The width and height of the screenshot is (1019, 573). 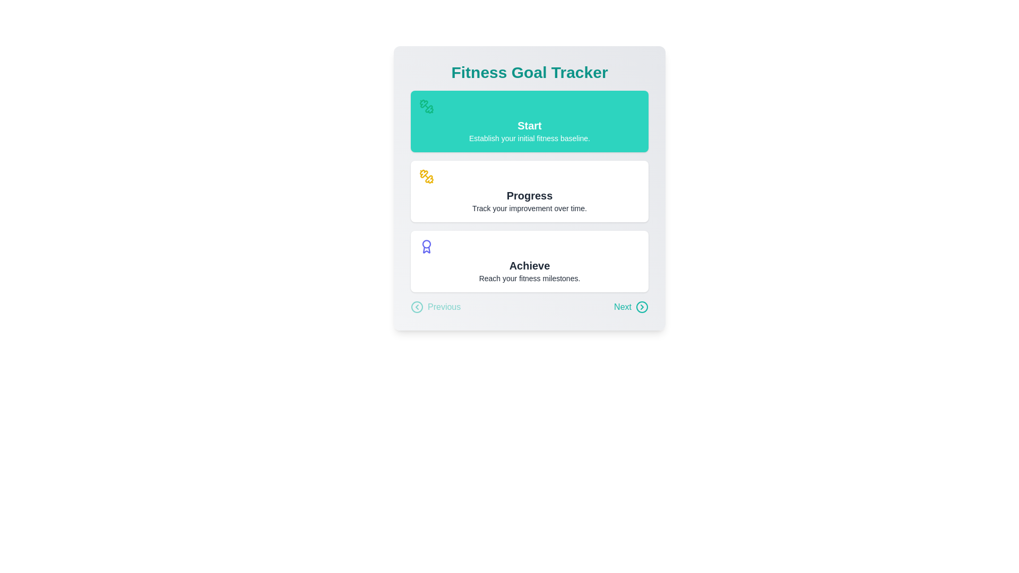 I want to click on the decorative icon element associated with the 'Progress' section, located at the top-left corner of the 'Progress' card, so click(x=429, y=179).